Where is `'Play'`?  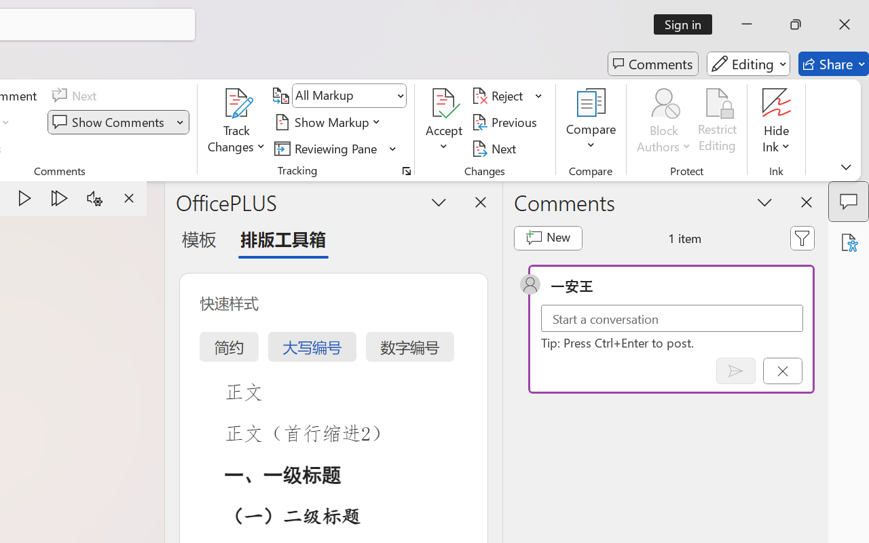
'Play' is located at coordinates (25, 198).